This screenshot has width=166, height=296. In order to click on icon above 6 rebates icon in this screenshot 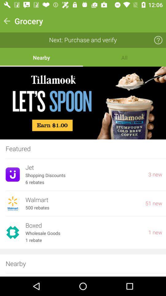, I will do `click(84, 175)`.